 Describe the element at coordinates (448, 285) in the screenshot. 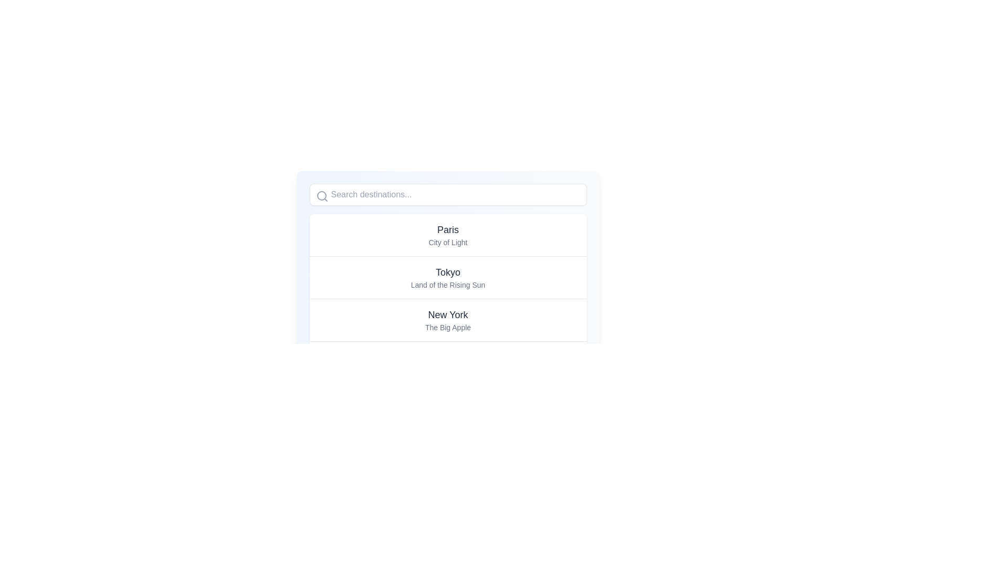

I see `the text label displaying 'Land of the Rising Sun', which is a small, gray font element located directly below the 'Tokyo' text, serving as supplementary information` at that location.